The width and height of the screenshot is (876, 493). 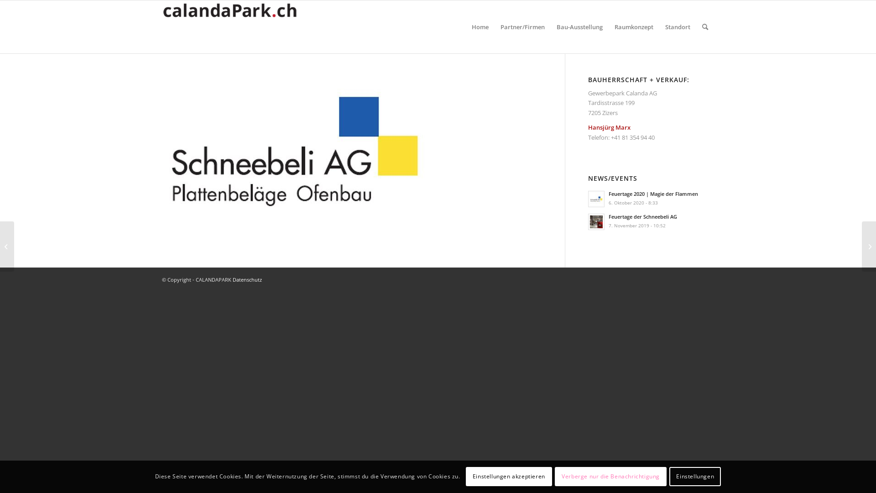 I want to click on 'Read: Feuertage 2020 | Magie der Flammen', so click(x=596, y=198).